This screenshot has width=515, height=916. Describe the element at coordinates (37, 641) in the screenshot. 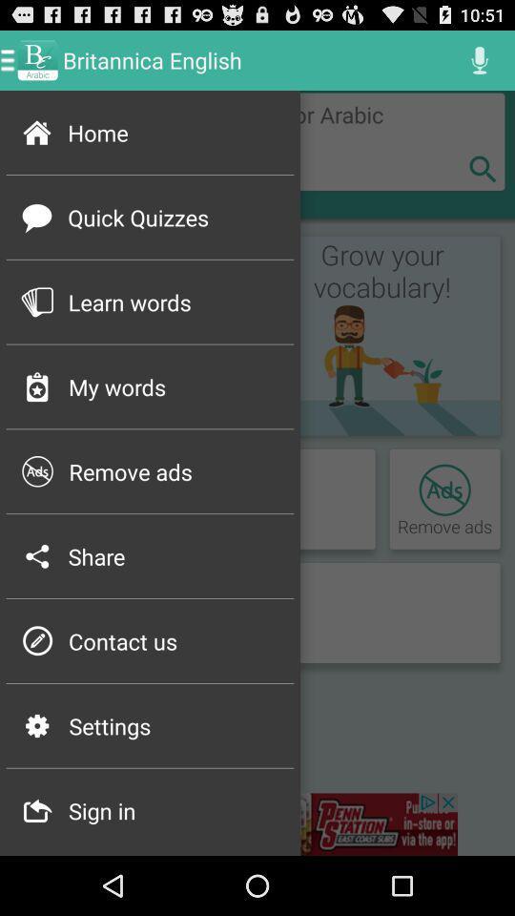

I see `the app to the left of contact us` at that location.